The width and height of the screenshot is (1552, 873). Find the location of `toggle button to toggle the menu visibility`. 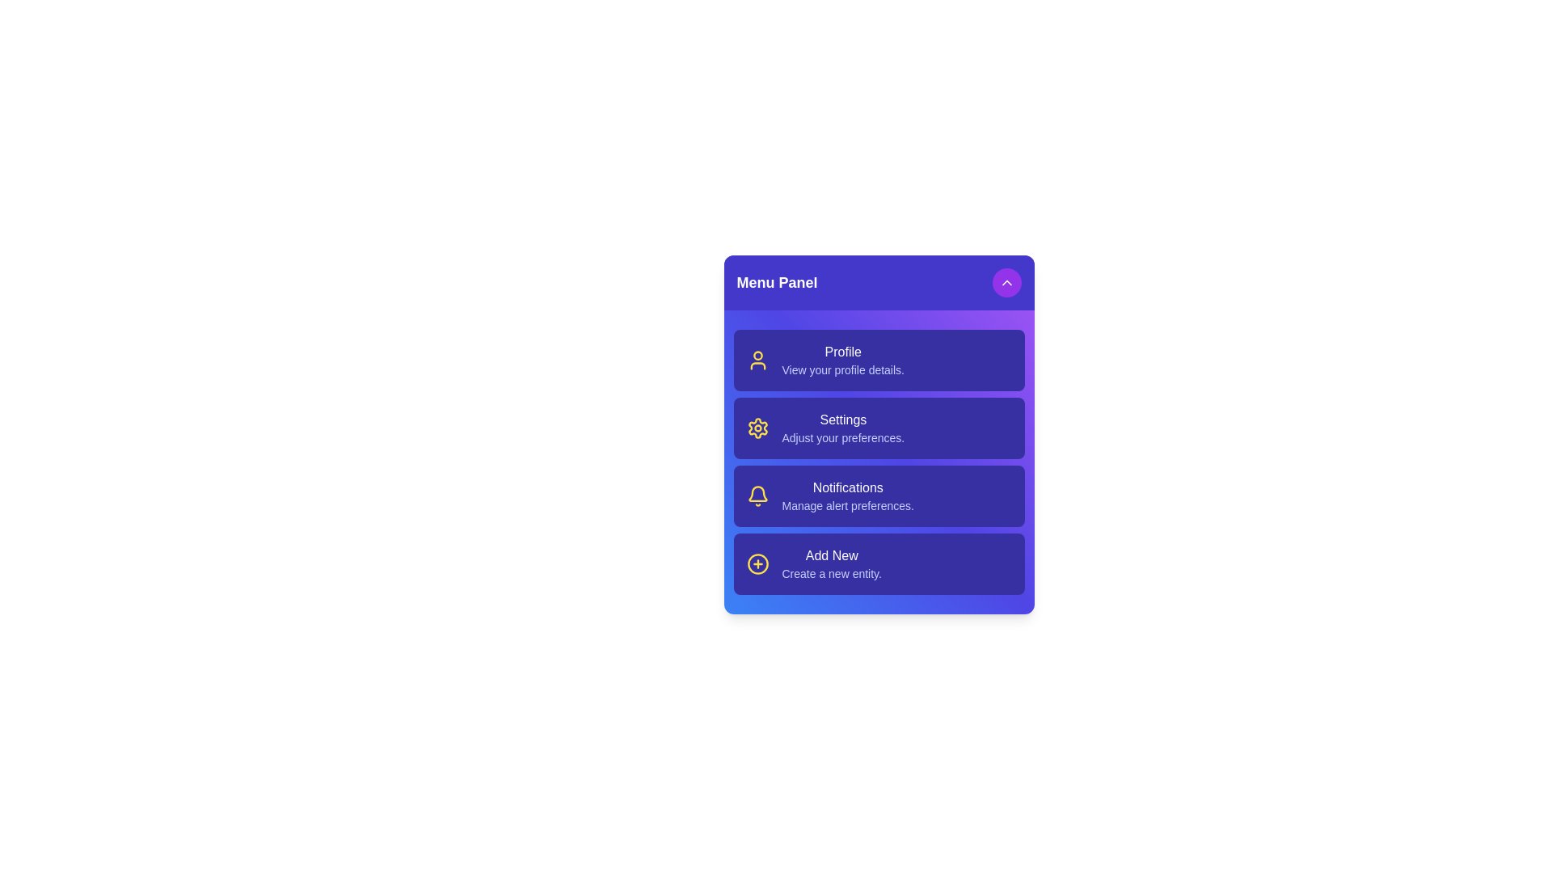

toggle button to toggle the menu visibility is located at coordinates (1006, 282).